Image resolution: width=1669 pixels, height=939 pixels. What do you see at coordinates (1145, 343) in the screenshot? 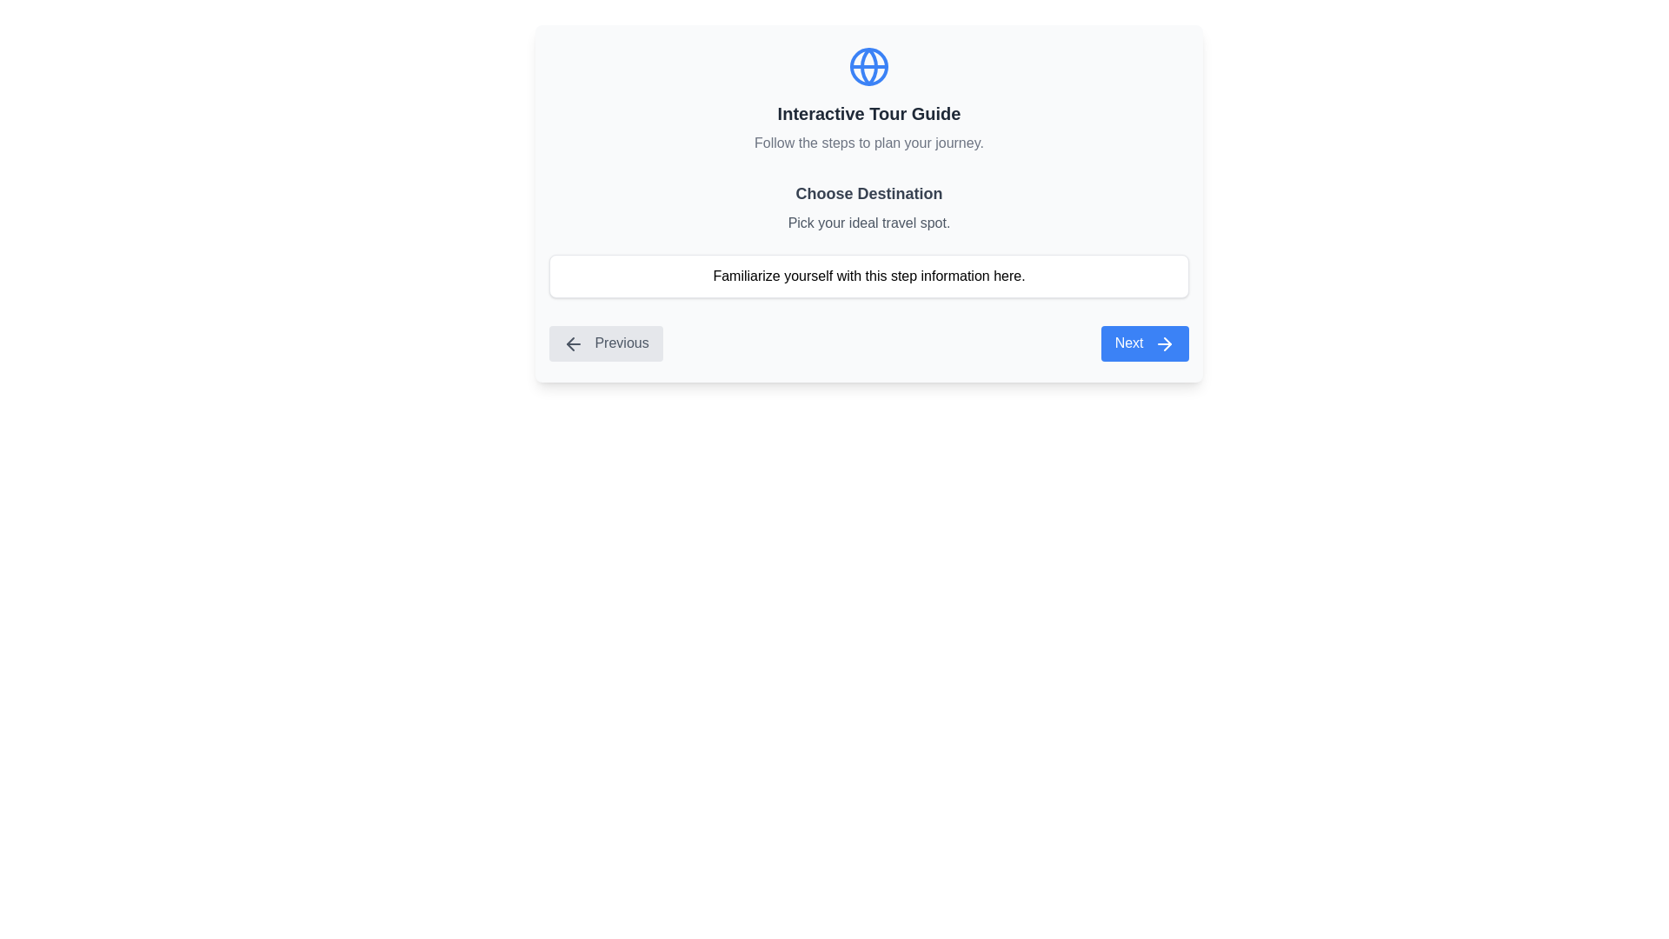
I see `the navigation button located at the bottom-right corner of the interactive card layout to change its color` at bounding box center [1145, 343].